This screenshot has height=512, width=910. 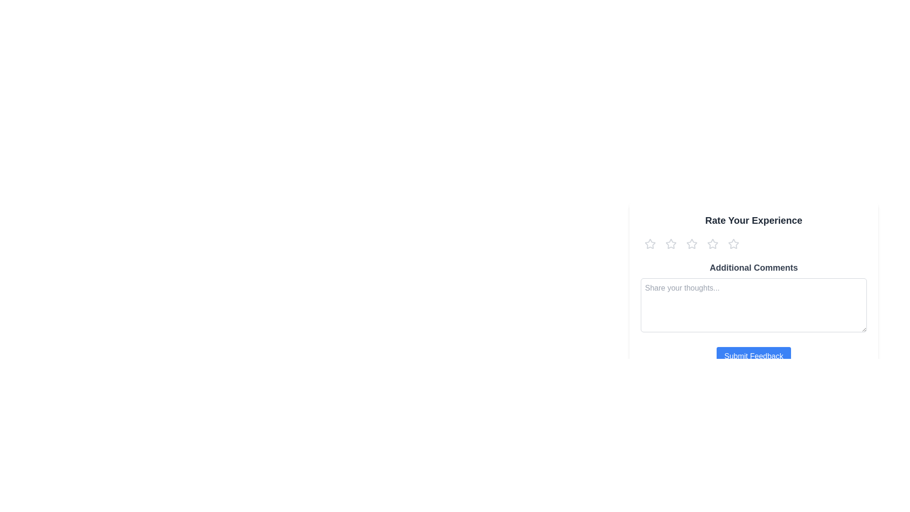 What do you see at coordinates (753, 244) in the screenshot?
I see `the star in the Rating Component located below 'Rate Your Experience' to set the rating` at bounding box center [753, 244].